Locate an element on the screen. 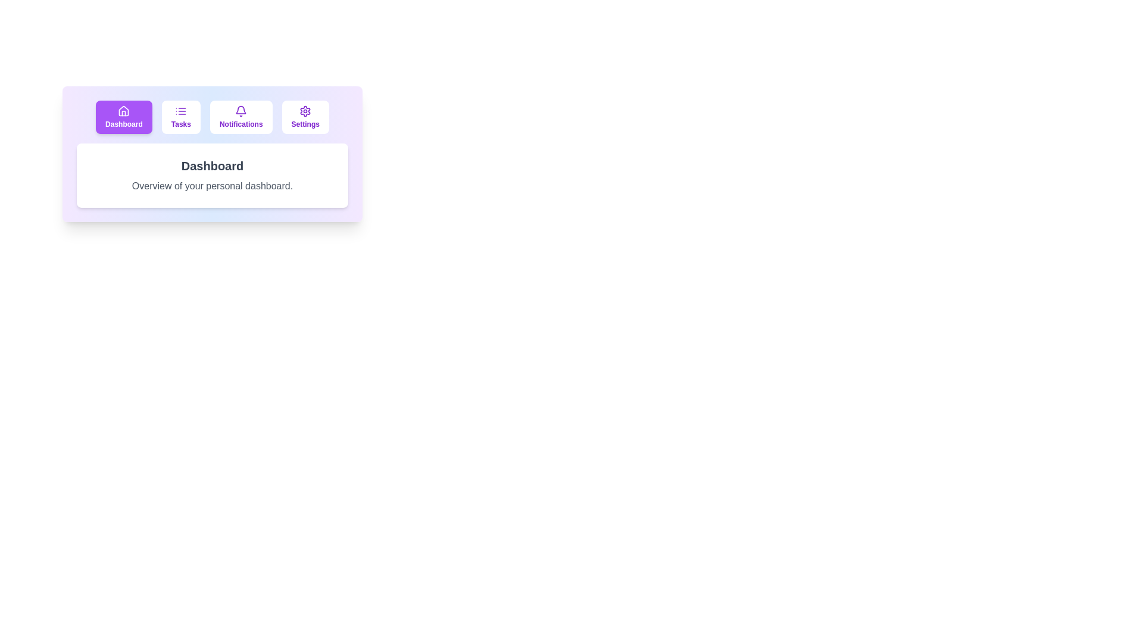 The width and height of the screenshot is (1143, 643). the main display area to focus on the text is located at coordinates (212, 175).